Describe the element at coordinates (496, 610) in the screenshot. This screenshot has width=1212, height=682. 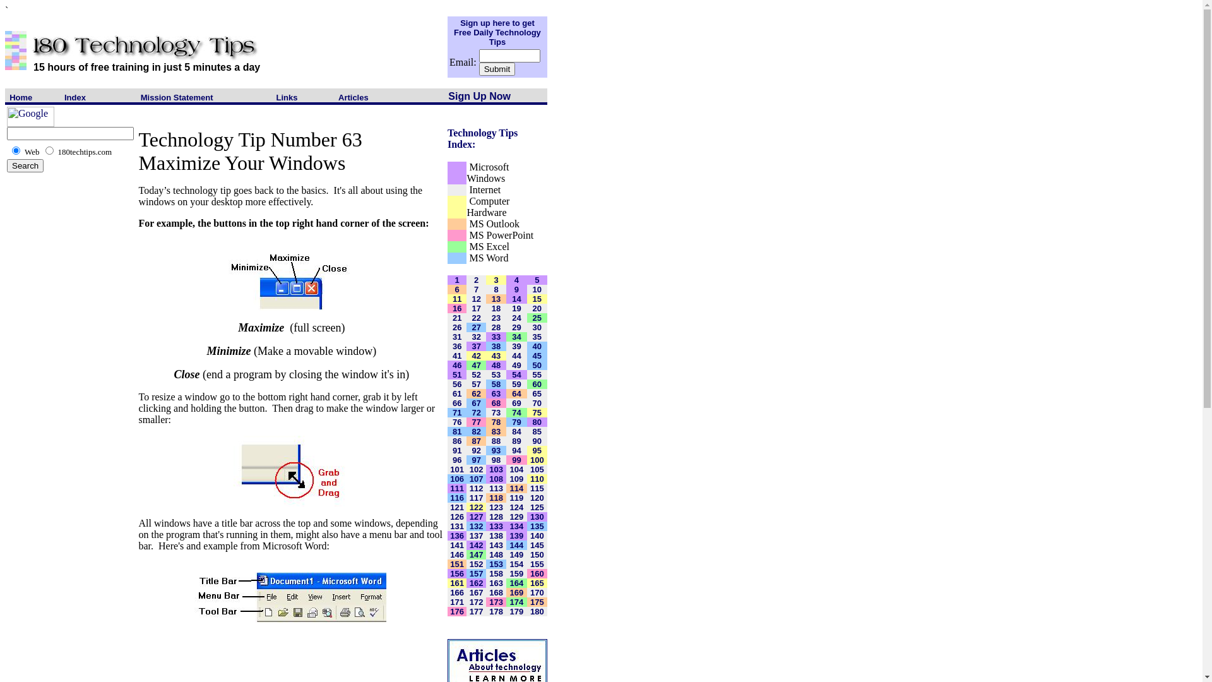
I see `'178'` at that location.